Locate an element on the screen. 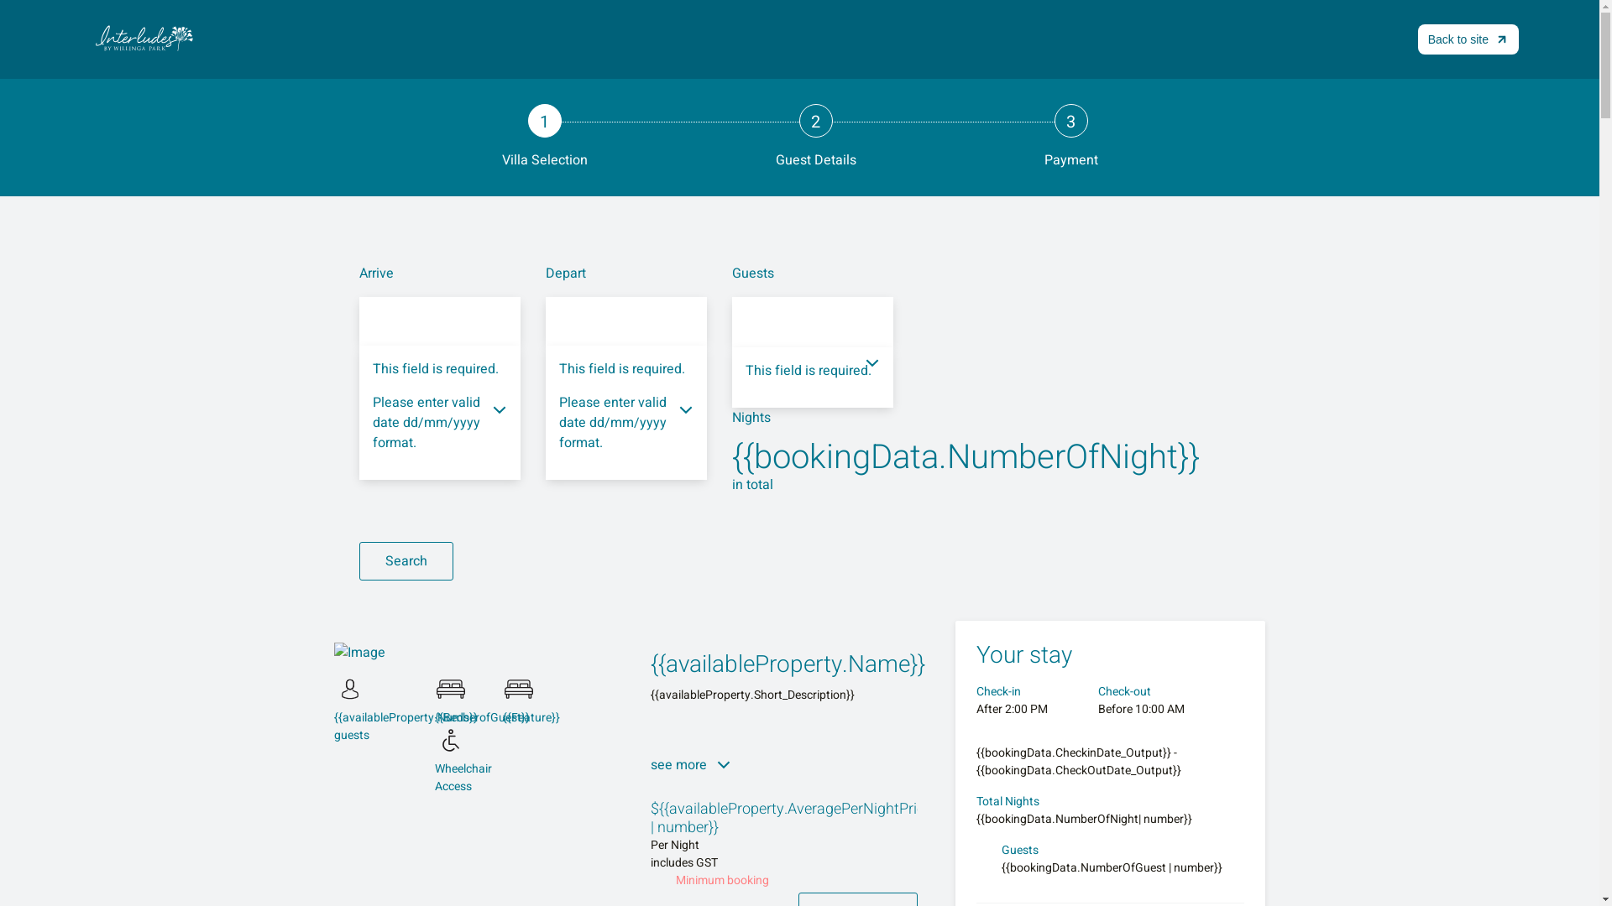 This screenshot has height=906, width=1612. 'Search' is located at coordinates (406, 560).